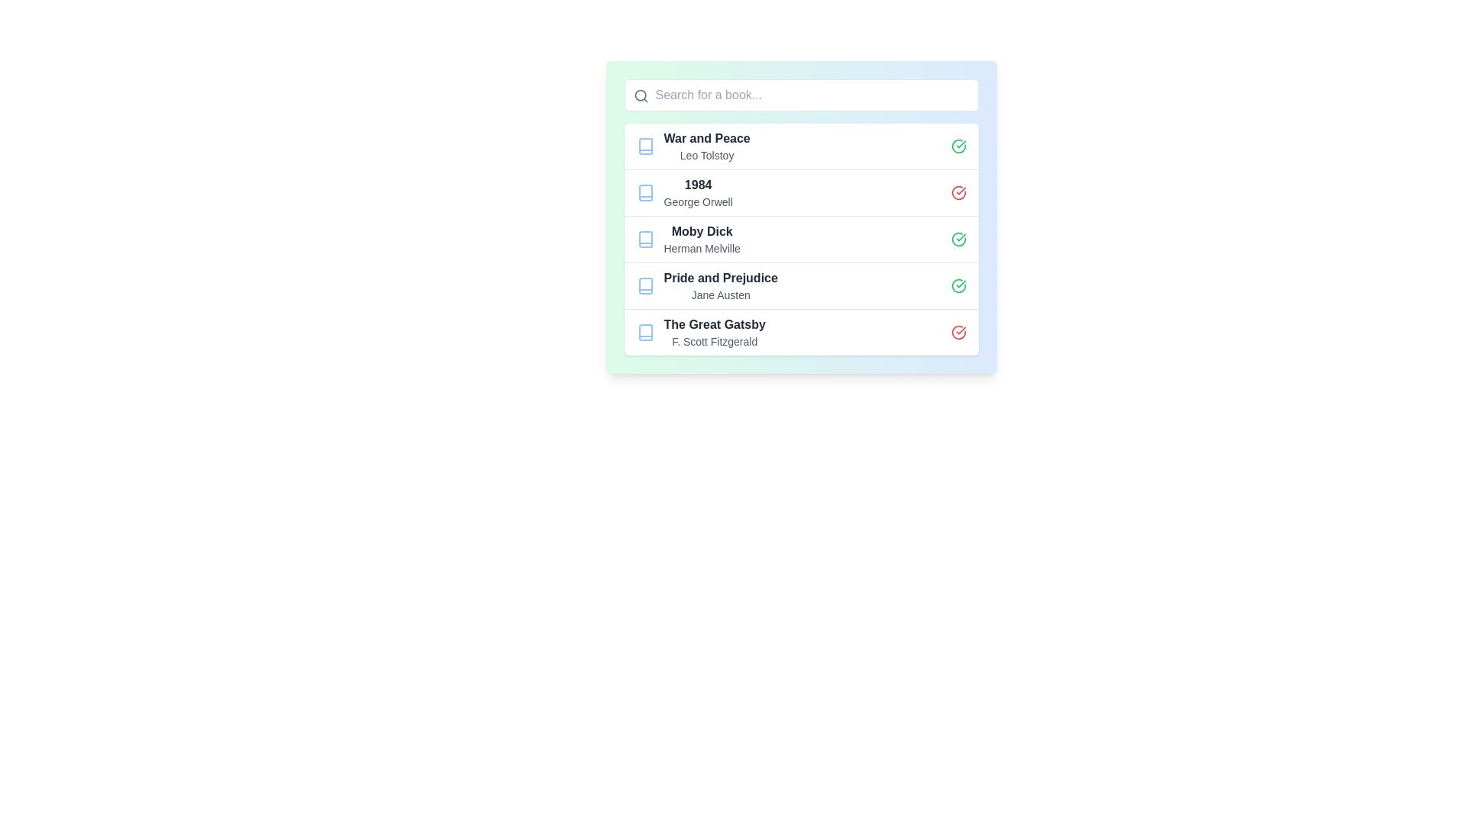  Describe the element at coordinates (720, 295) in the screenshot. I see `the text element displaying the author's name 'Jane Austen', which is located directly below the title 'Pride and Prejudice'` at that location.